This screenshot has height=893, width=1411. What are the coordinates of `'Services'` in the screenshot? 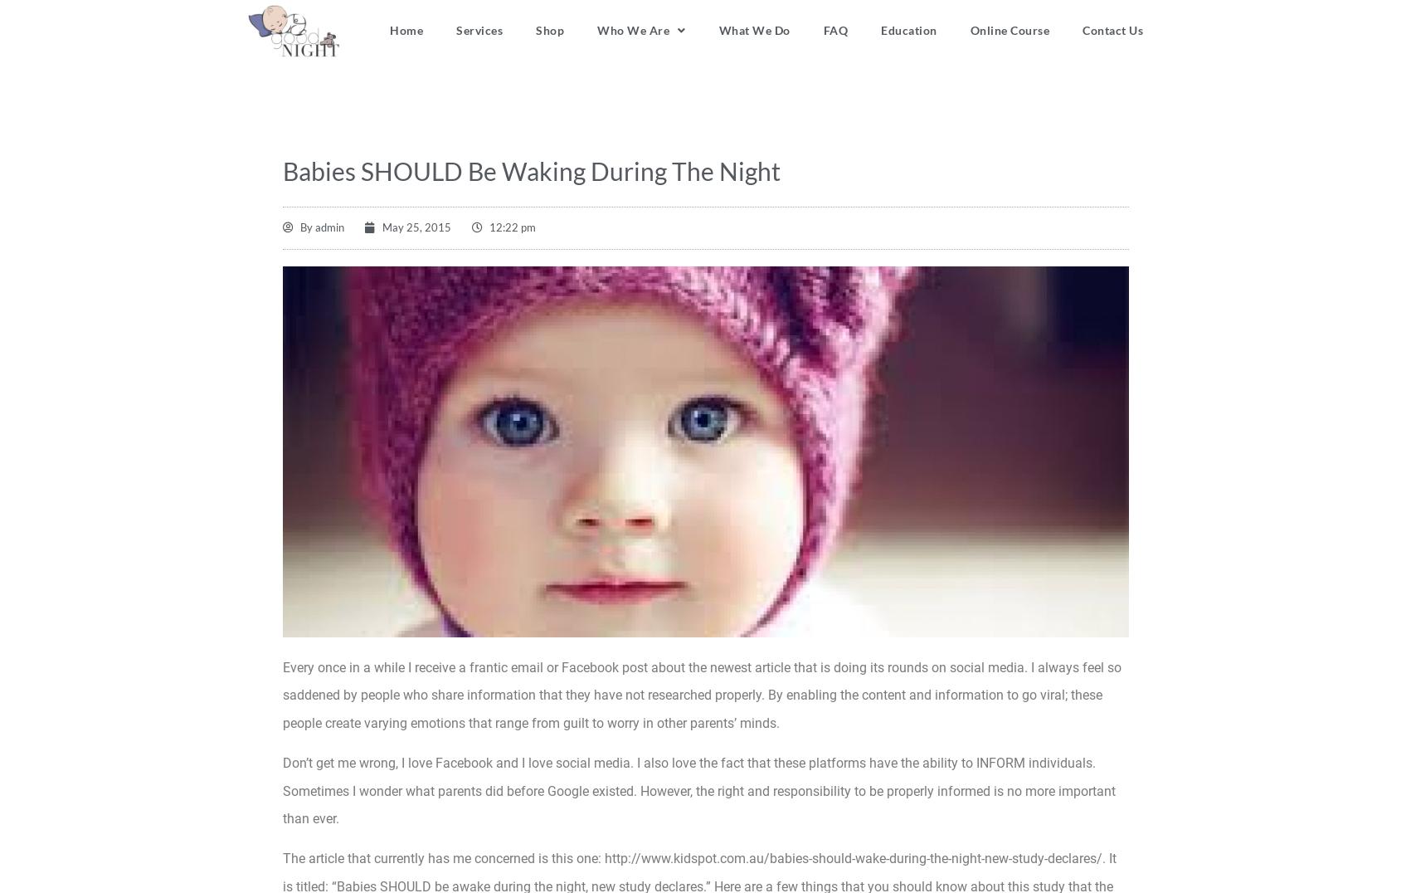 It's located at (479, 29).